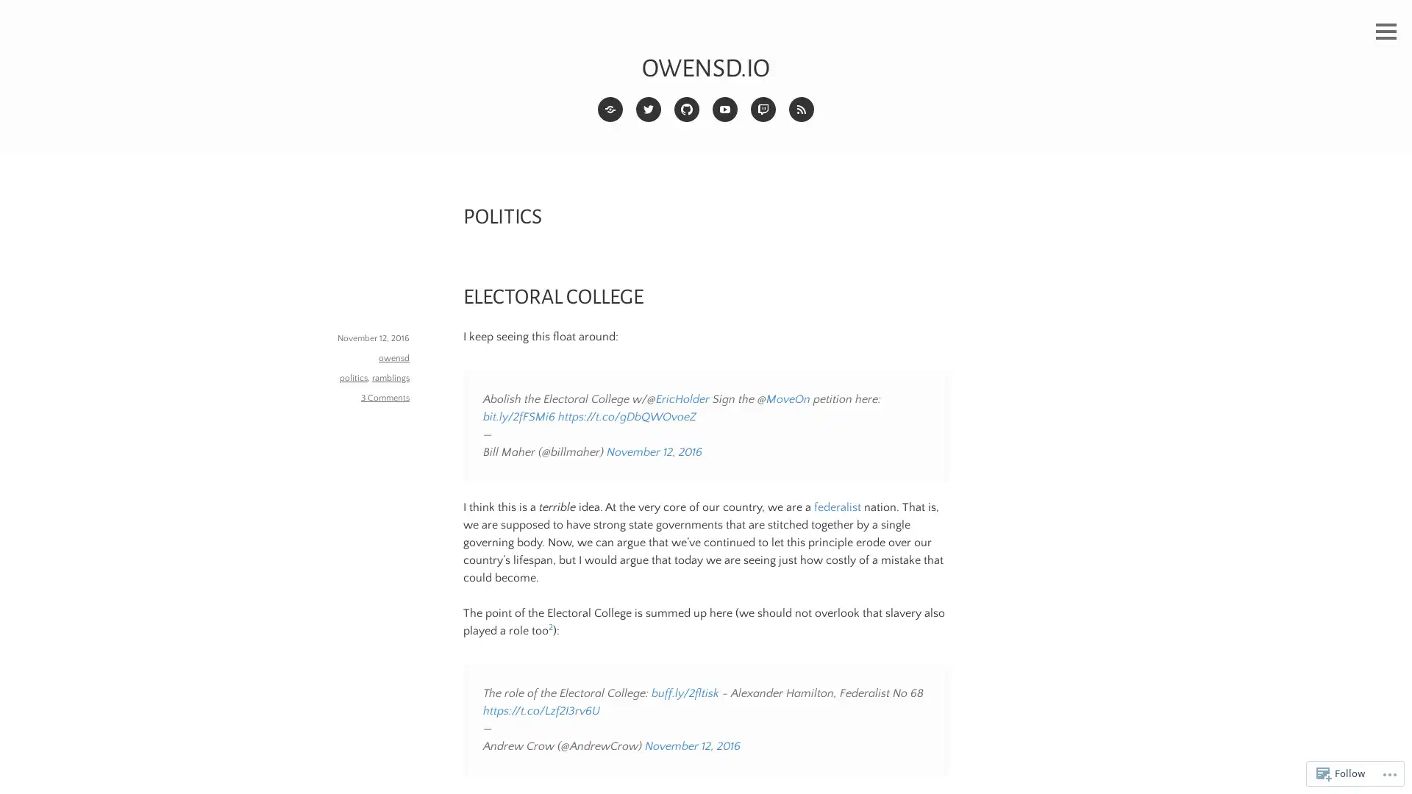  What do you see at coordinates (1386, 32) in the screenshot?
I see `Sidebar` at bounding box center [1386, 32].